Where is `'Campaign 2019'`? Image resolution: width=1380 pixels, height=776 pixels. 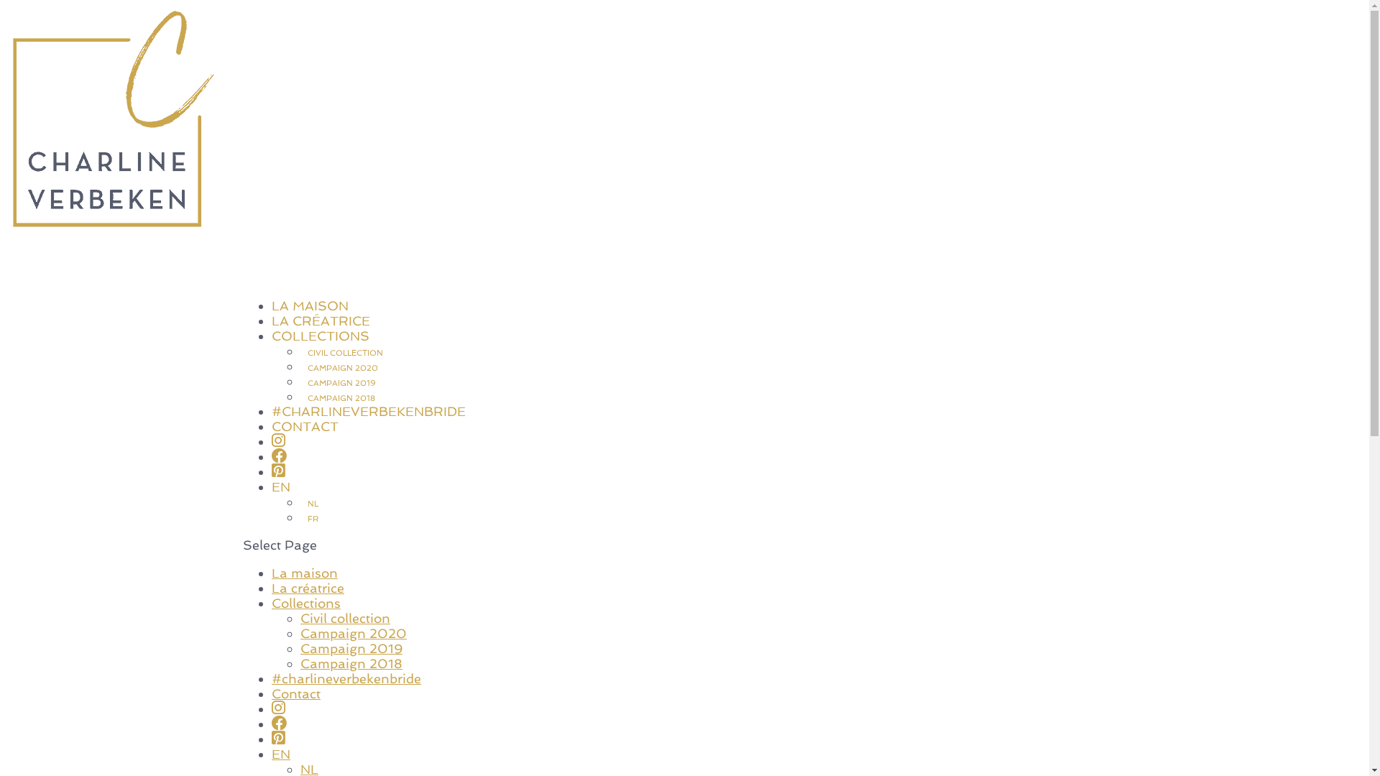 'Campaign 2019' is located at coordinates (351, 648).